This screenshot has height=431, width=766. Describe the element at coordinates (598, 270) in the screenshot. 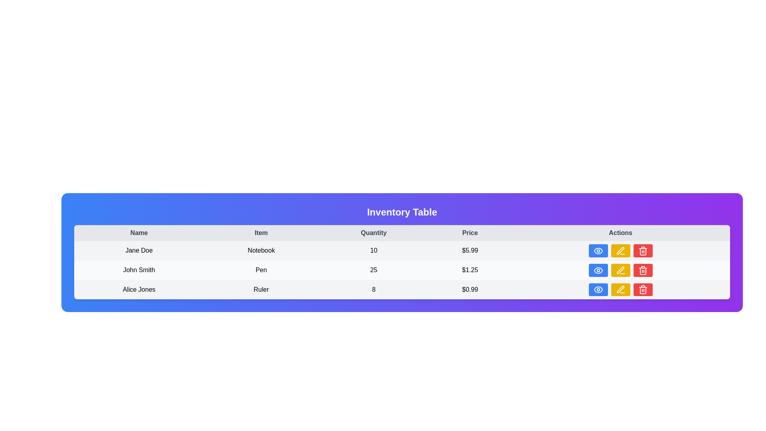

I see `the first button in the 'Actions' column of the table row for 'John Smith, Pen, 25, $1.25'` at that location.